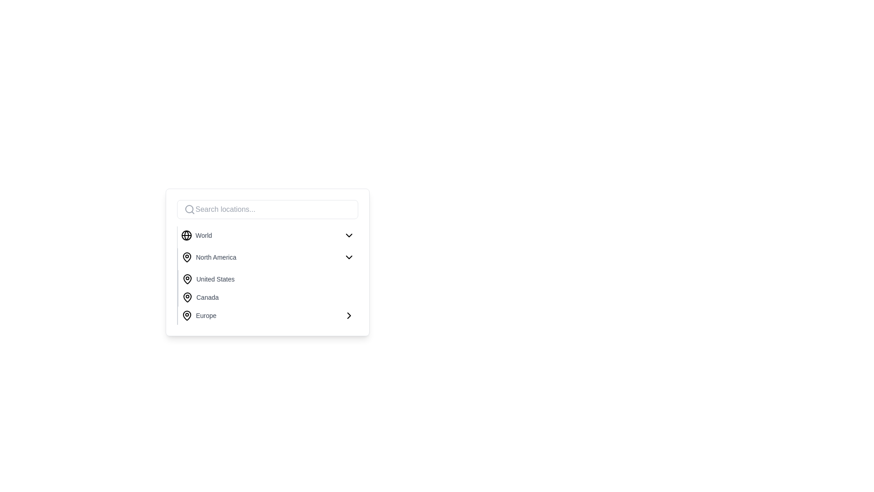 The height and width of the screenshot is (492, 874). What do you see at coordinates (267, 286) in the screenshot?
I see `the dropdown menu section titled 'World'` at bounding box center [267, 286].